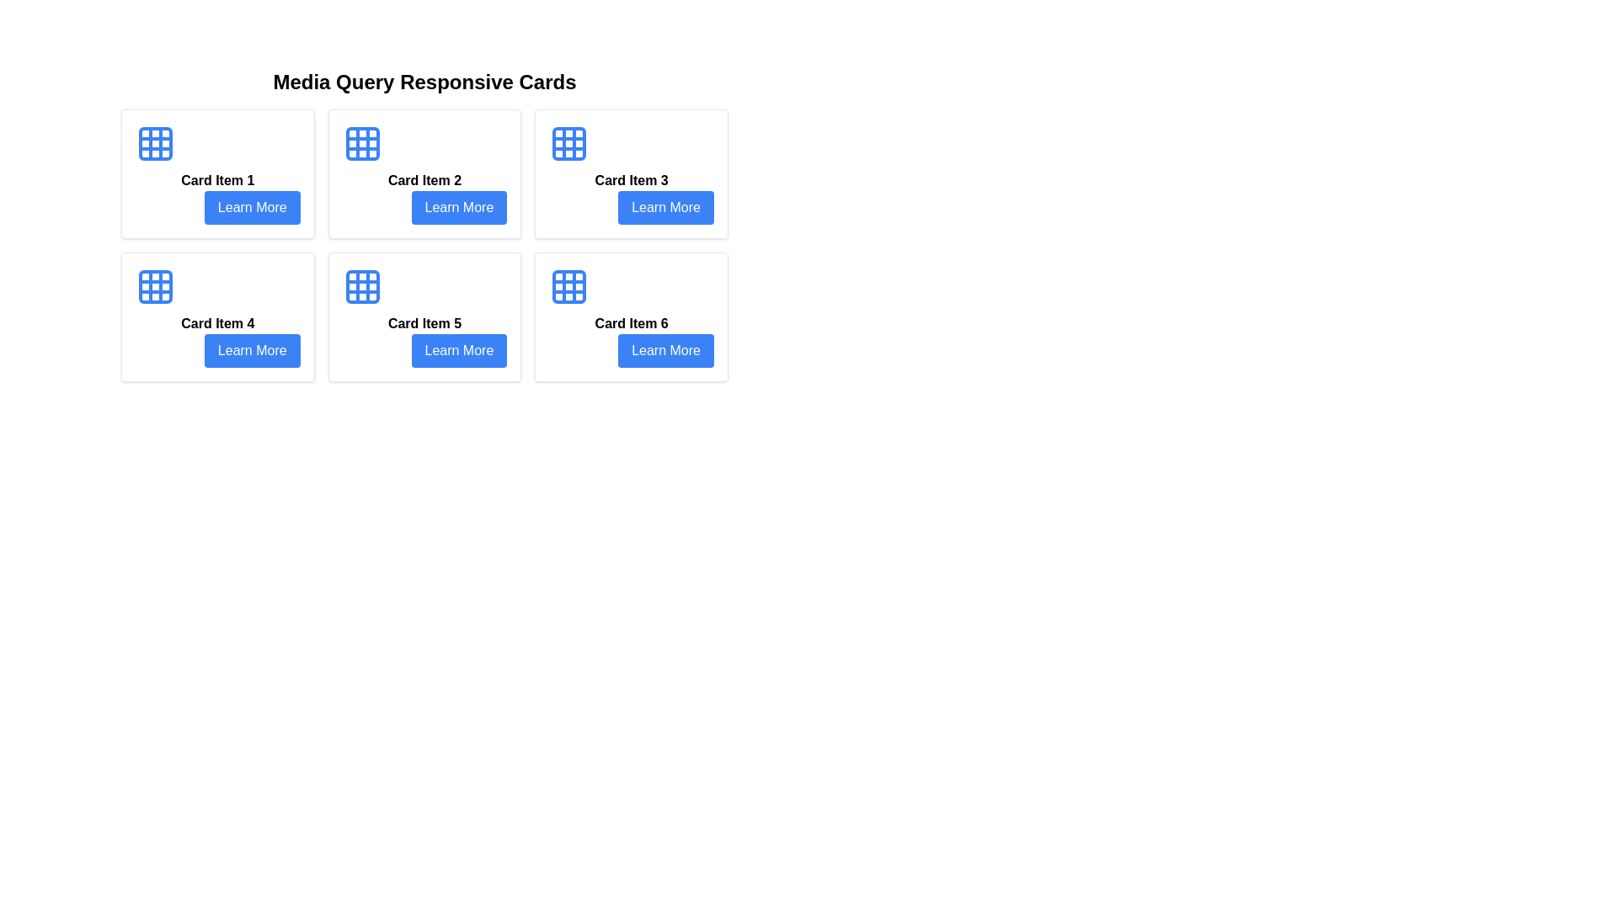 The width and height of the screenshot is (1617, 909). I want to click on the 'Learn More' button located at the bottom-right of 'Card Item 4' to change its color, so click(251, 349).